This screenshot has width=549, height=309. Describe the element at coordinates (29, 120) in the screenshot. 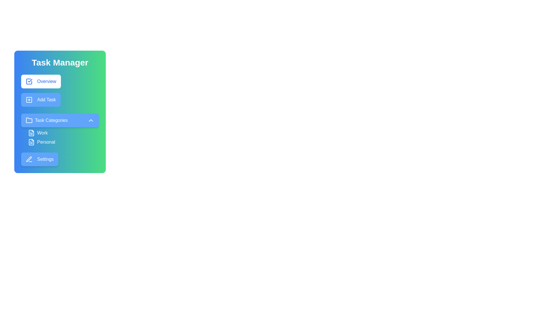

I see `the SVG icon representing a folder in the 'Task Categories' section of the vertical navigation menu on the left side of the interface` at that location.